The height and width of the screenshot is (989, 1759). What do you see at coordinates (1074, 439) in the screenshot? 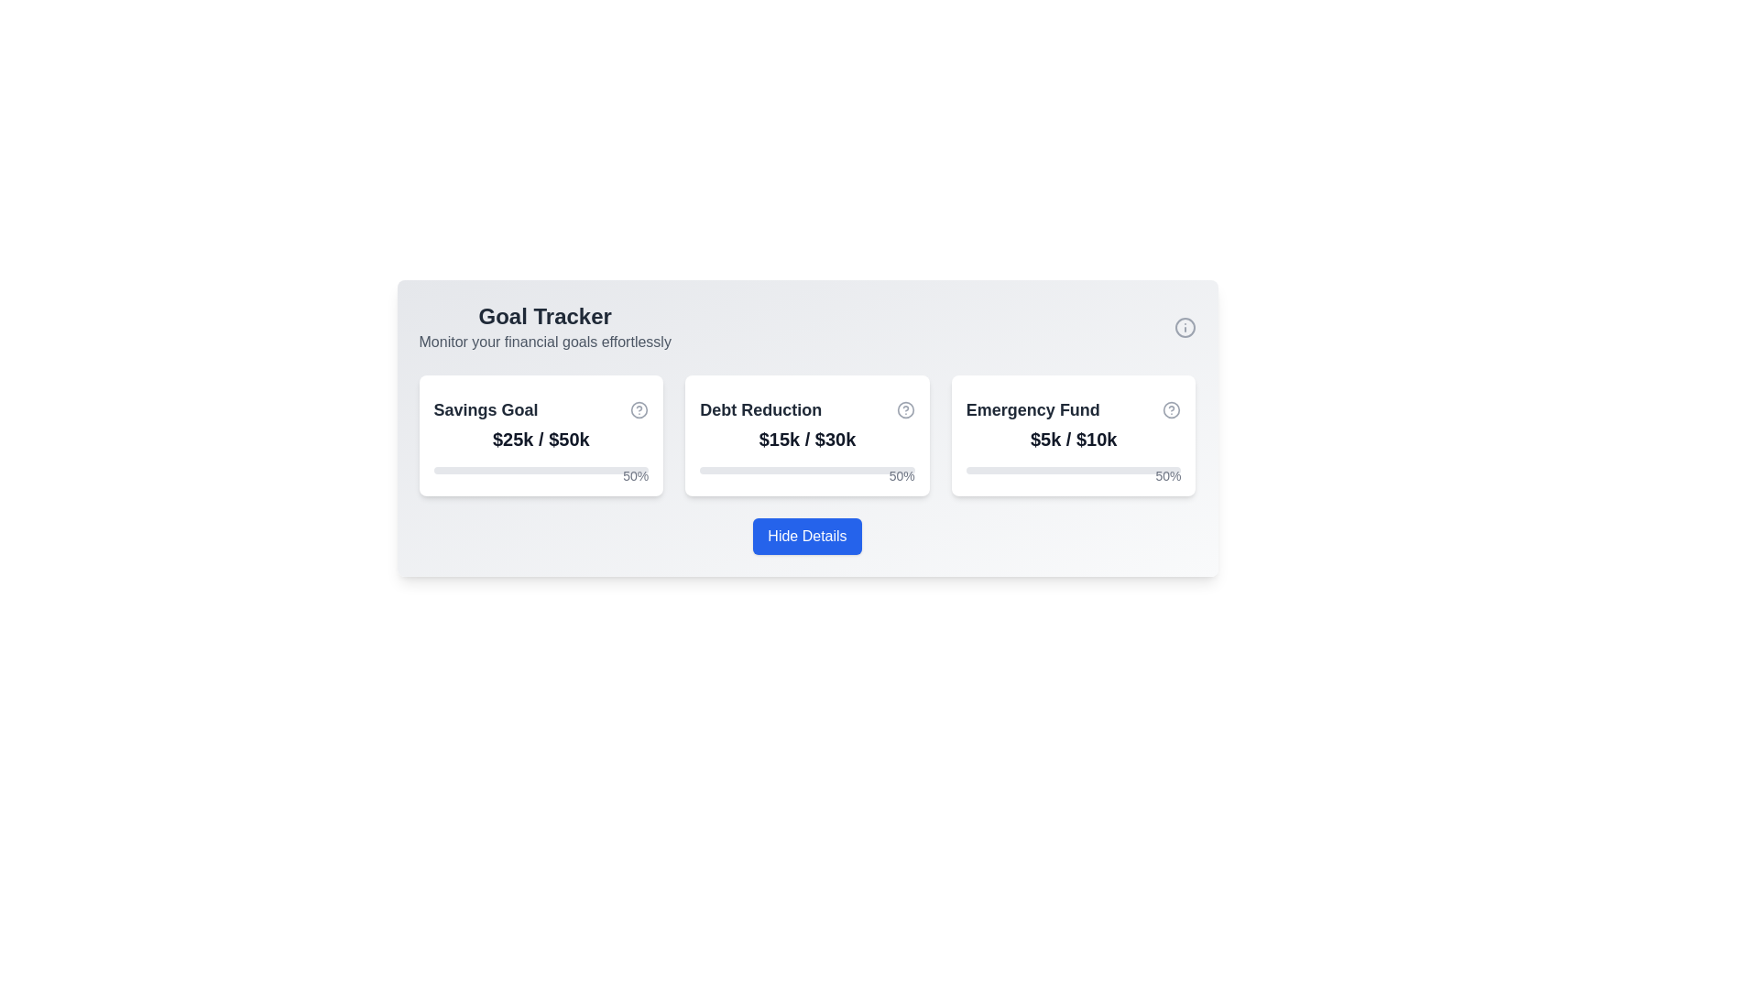
I see `the text label displaying the financial progress '$5k / $10k' located within the 'Emergency Fund' card` at bounding box center [1074, 439].